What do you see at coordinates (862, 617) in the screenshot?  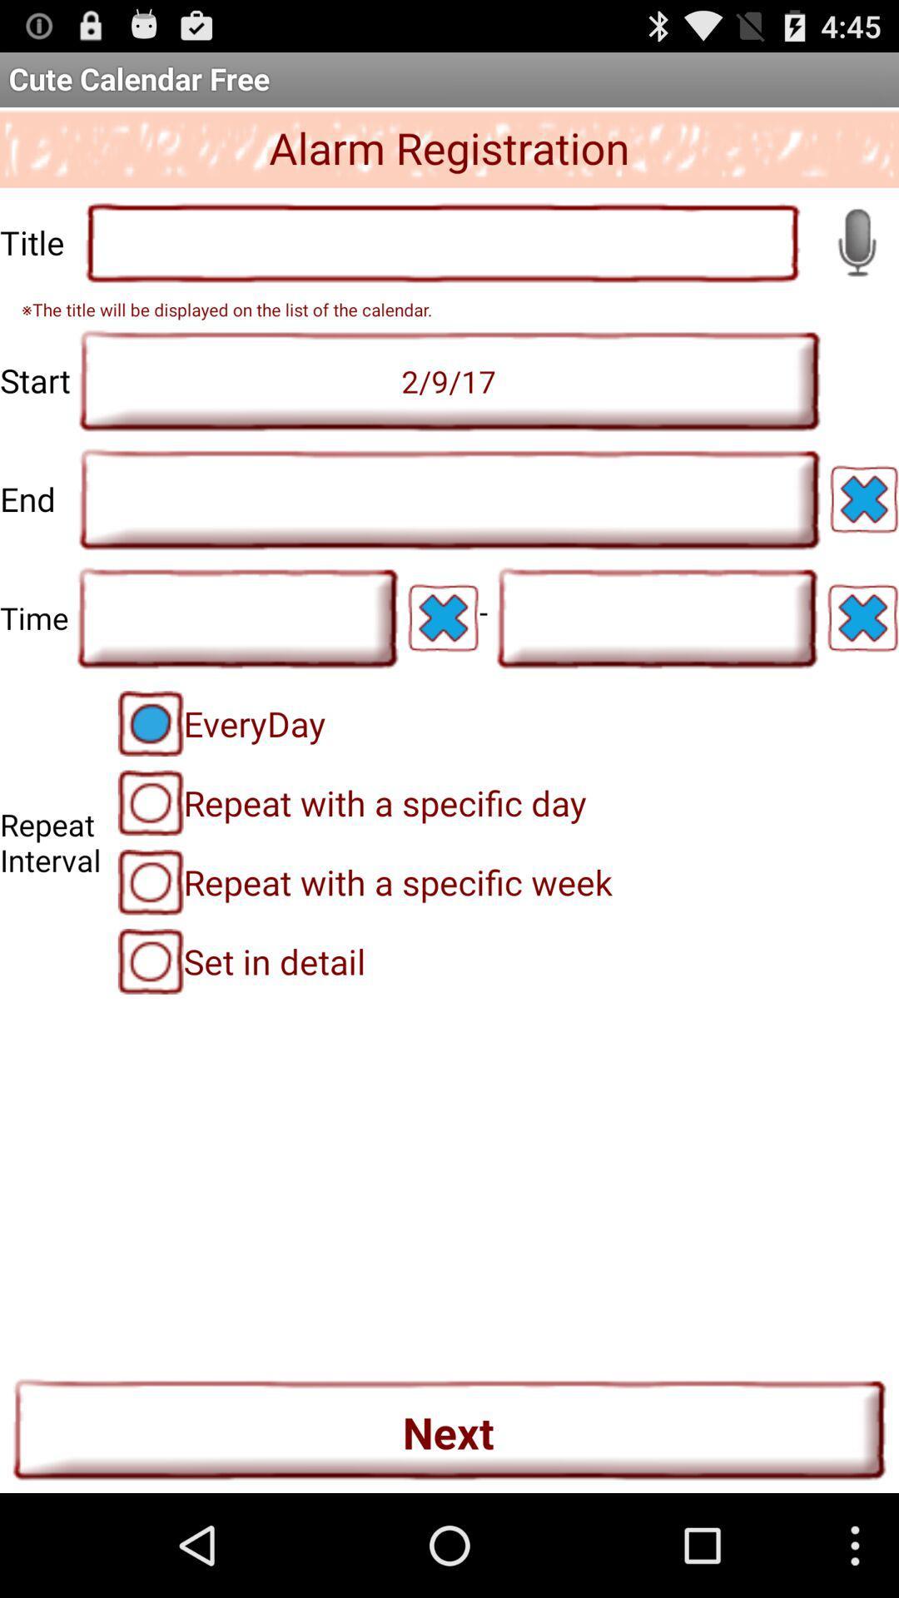 I see `clear box` at bounding box center [862, 617].